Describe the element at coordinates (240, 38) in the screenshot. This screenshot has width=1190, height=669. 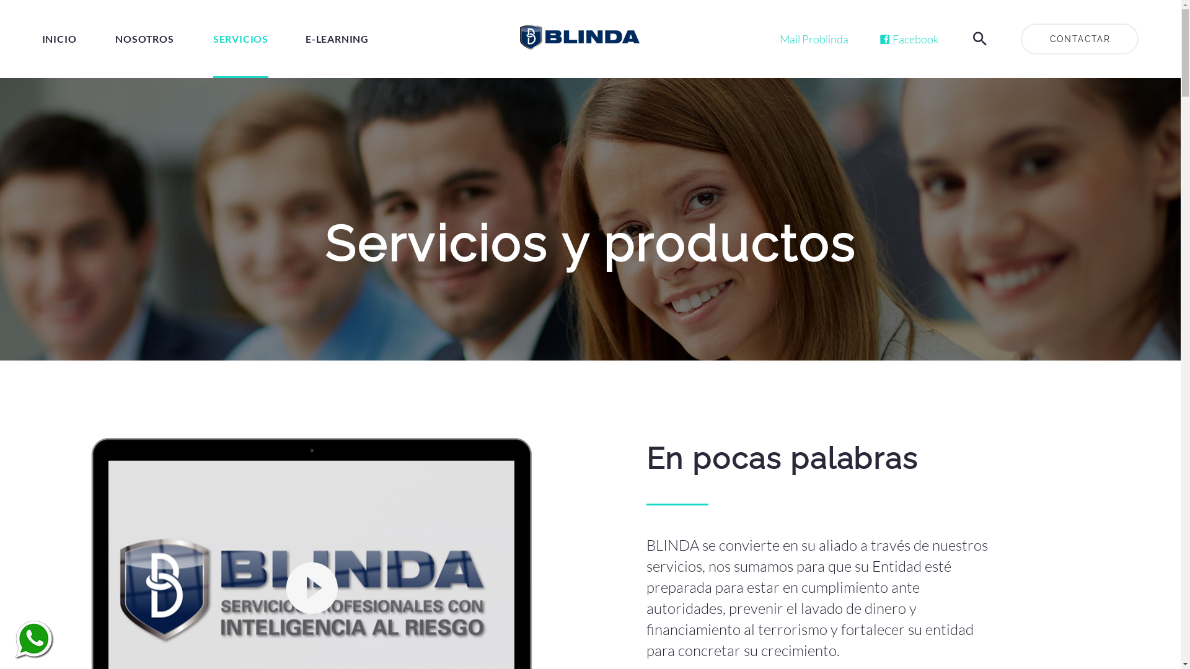
I see `'SERVICIOS'` at that location.